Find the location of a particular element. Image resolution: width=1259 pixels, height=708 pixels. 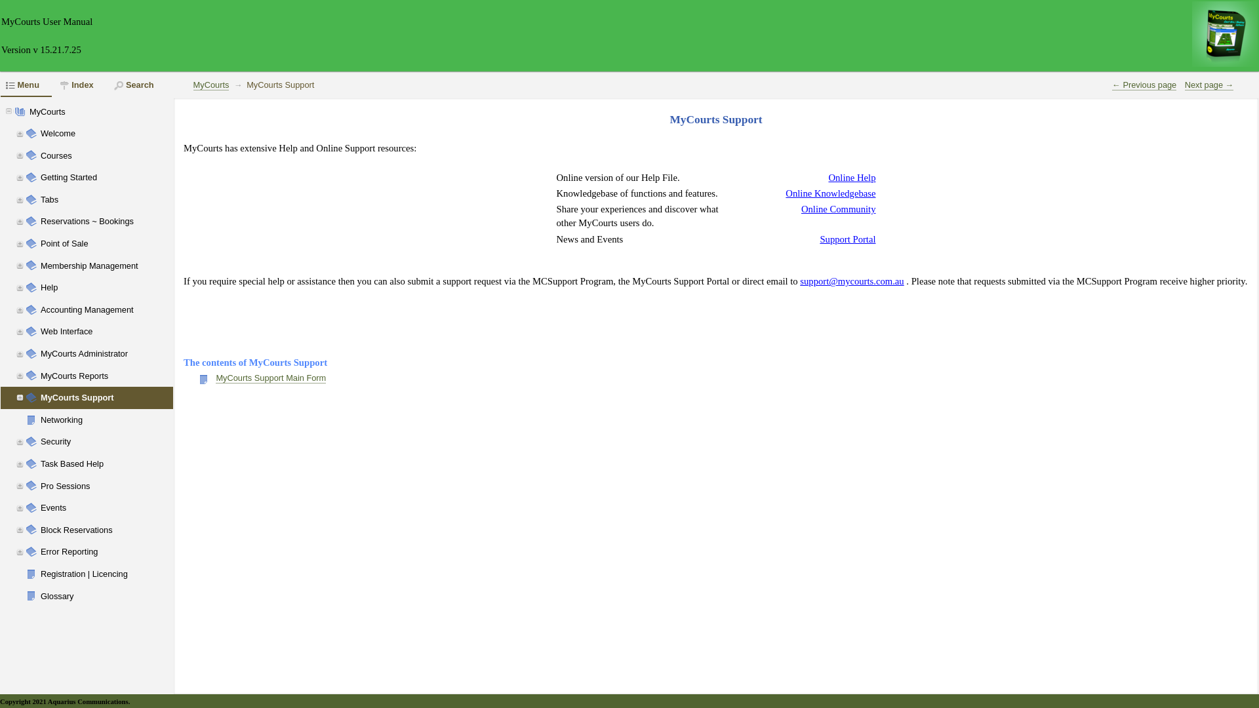

'Accounting Management' is located at coordinates (123, 310).